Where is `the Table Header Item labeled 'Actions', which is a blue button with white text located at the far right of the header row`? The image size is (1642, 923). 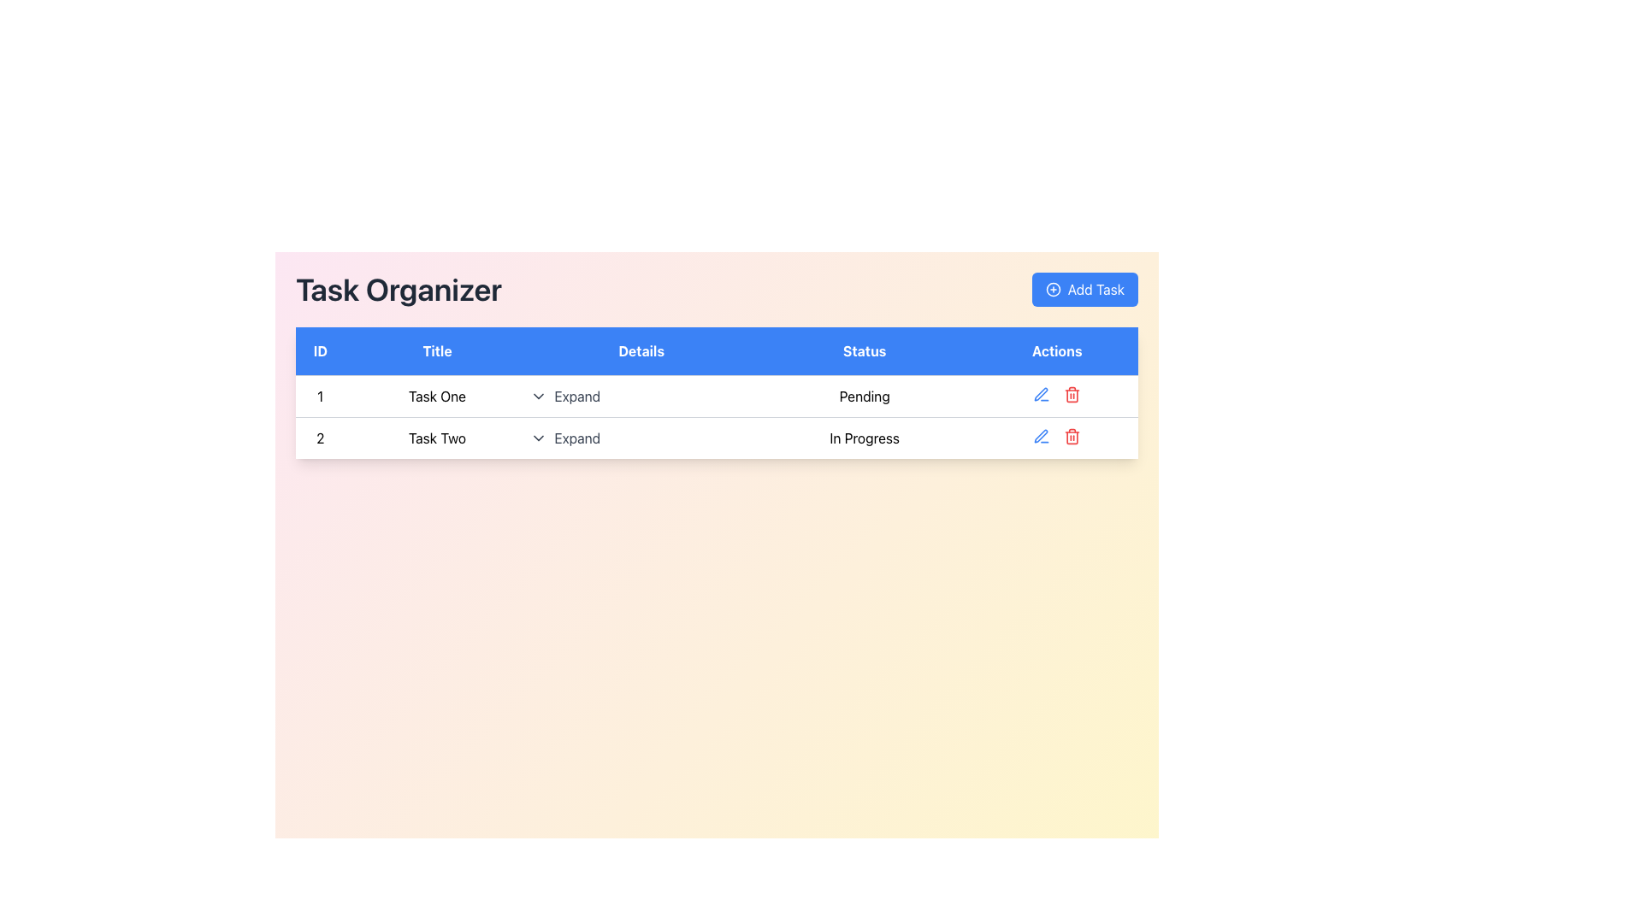 the Table Header Item labeled 'Actions', which is a blue button with white text located at the far right of the header row is located at coordinates (1056, 350).